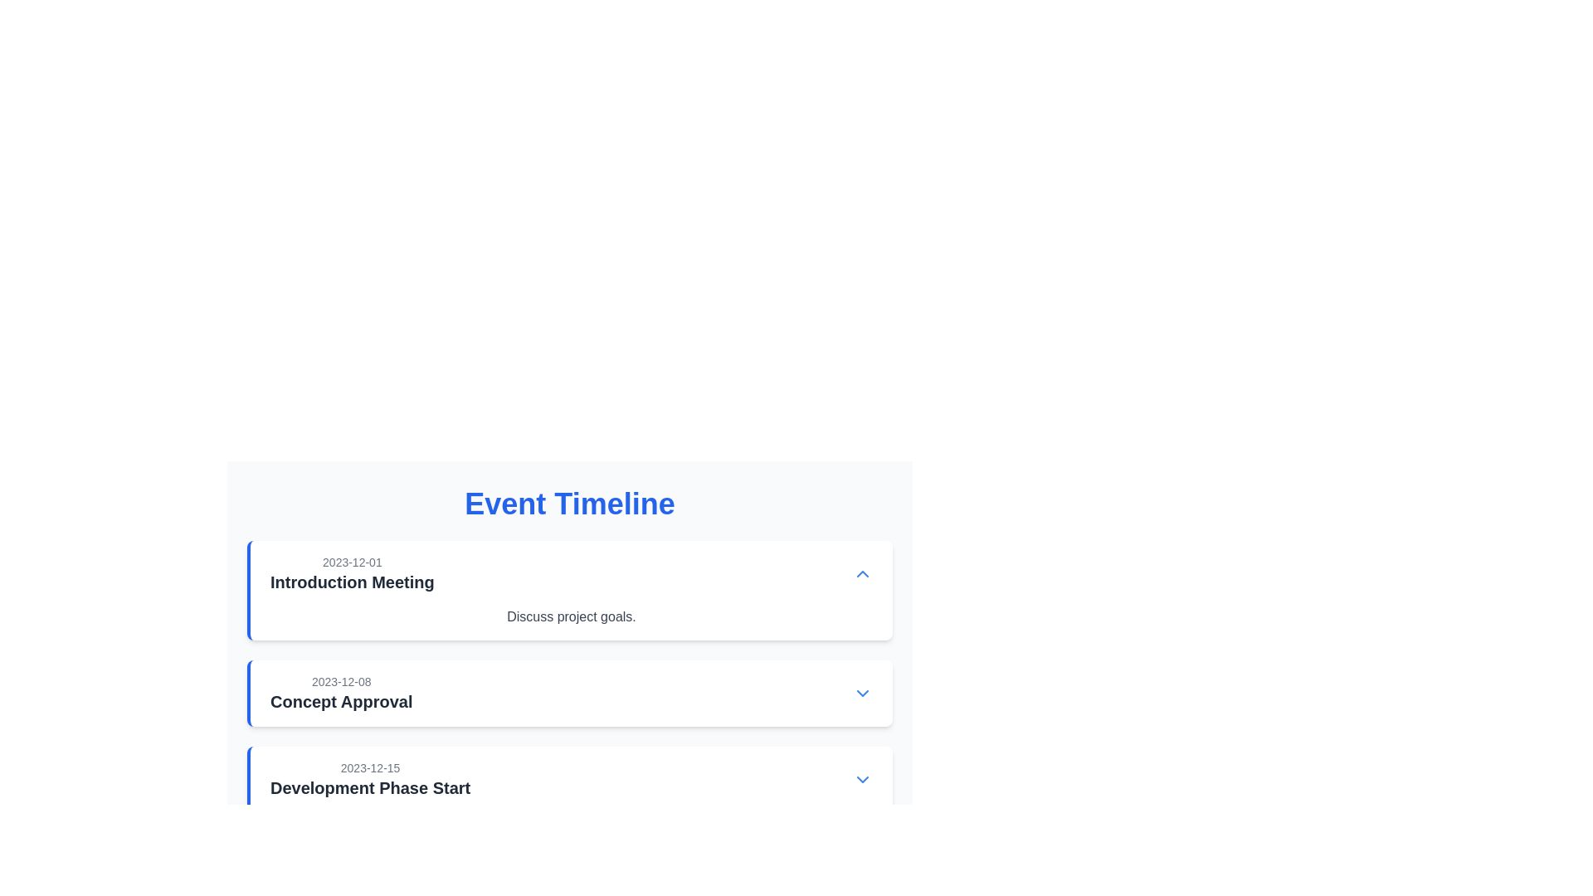 Image resolution: width=1593 pixels, height=896 pixels. Describe the element at coordinates (369, 780) in the screenshot. I see `the central text component displaying the date '2023-12-15' and the title 'Development Phase Start' in the third block of the timeline interface` at that location.